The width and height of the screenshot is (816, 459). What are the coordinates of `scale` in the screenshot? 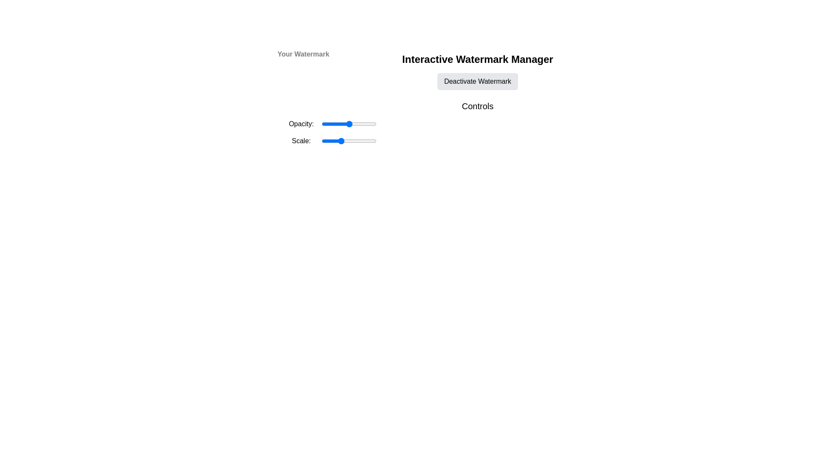 It's located at (303, 140).